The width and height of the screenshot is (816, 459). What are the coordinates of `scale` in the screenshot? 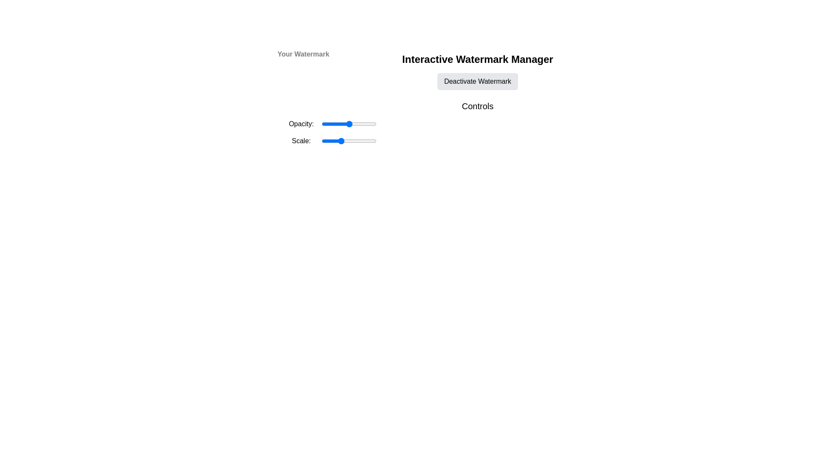 It's located at (303, 140).